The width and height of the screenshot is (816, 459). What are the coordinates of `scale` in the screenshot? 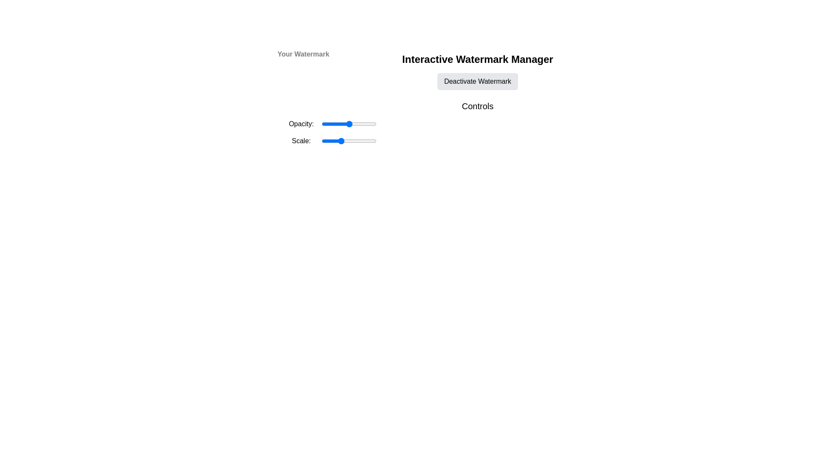 It's located at (303, 140).